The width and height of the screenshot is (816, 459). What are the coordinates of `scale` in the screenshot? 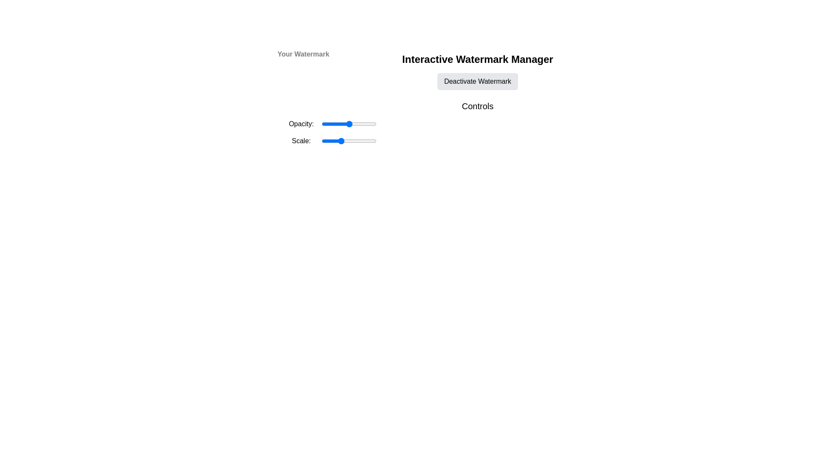 It's located at (303, 140).